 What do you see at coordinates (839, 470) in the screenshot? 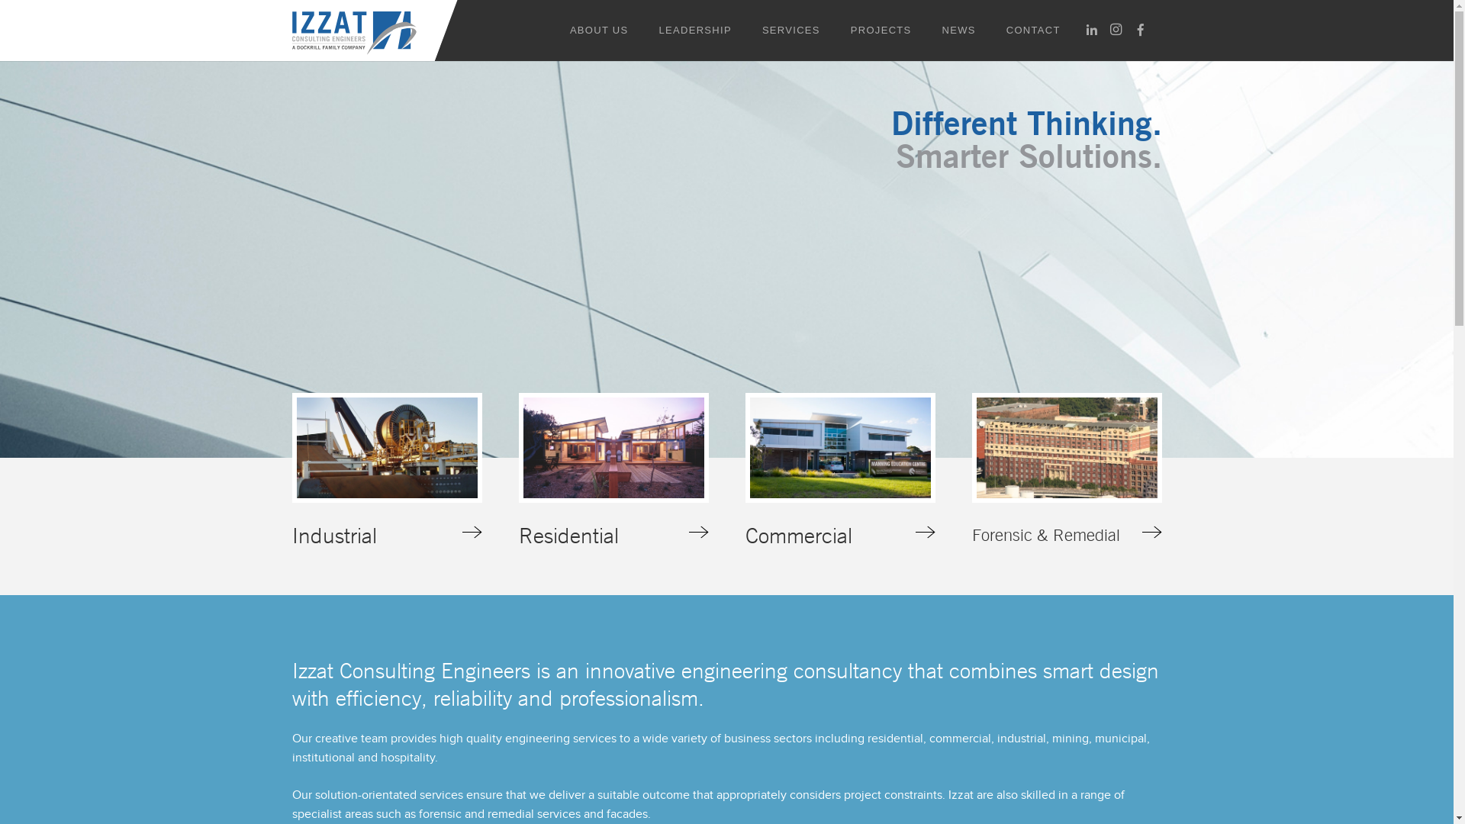
I see `'Commercial'` at bounding box center [839, 470].